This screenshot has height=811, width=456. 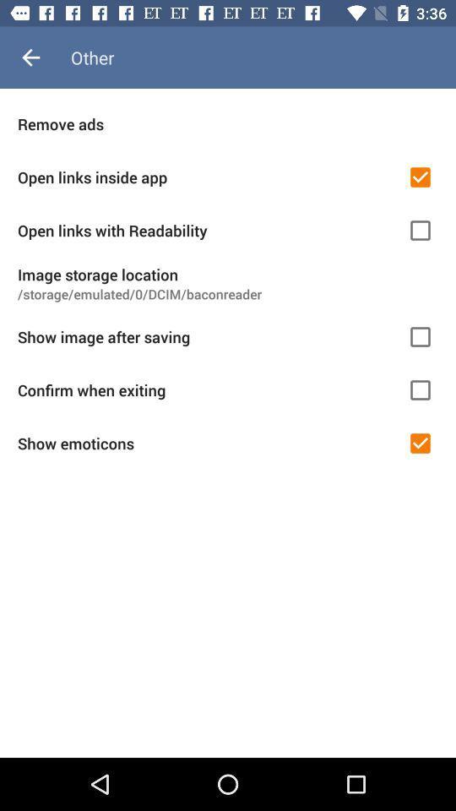 I want to click on image storage location item, so click(x=228, y=275).